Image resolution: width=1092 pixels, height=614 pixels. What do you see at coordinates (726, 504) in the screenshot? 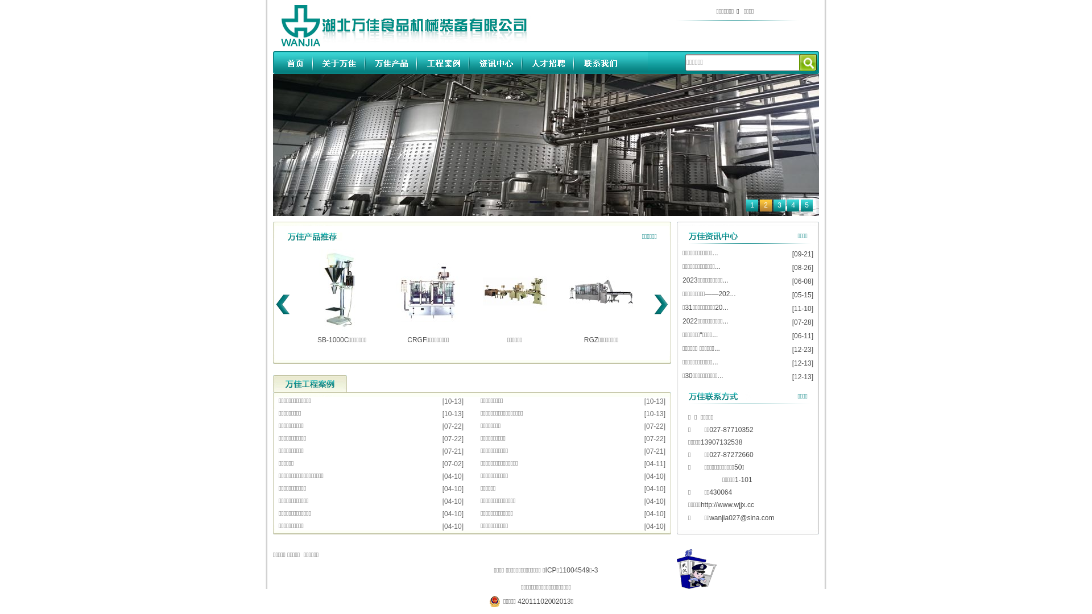
I see `'http://www.wjjx.cc'` at bounding box center [726, 504].